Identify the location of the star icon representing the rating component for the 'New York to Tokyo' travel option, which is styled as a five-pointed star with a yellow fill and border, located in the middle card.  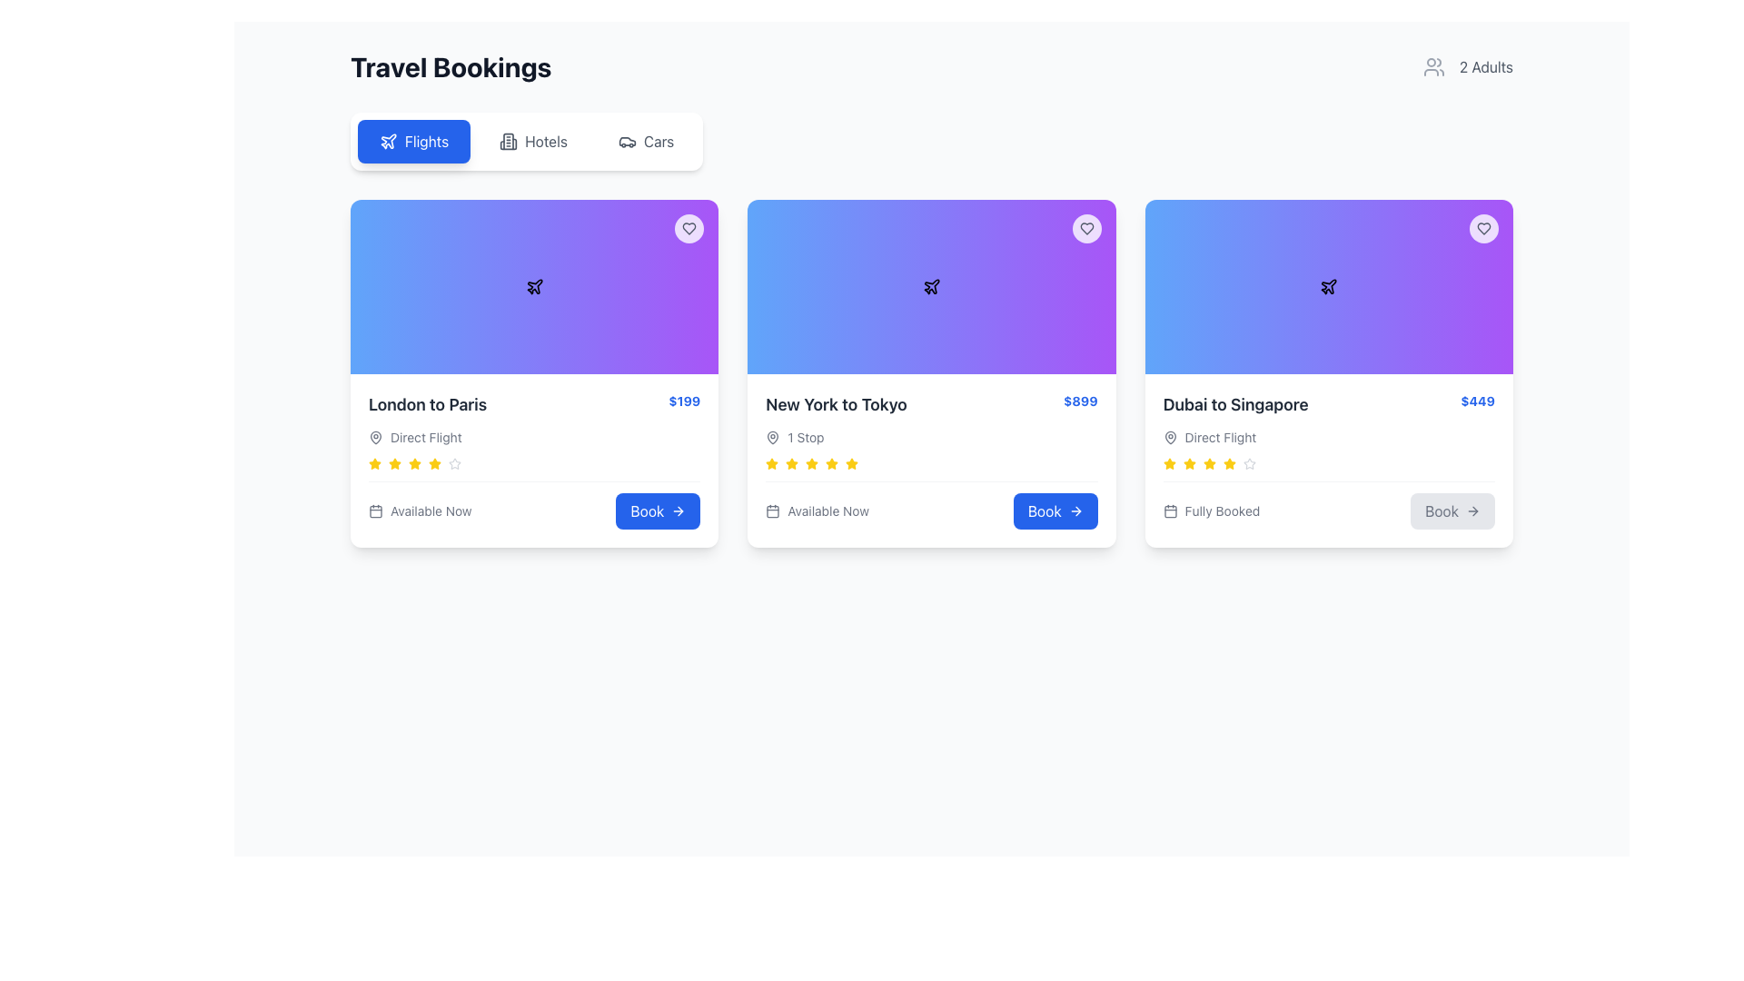
(772, 462).